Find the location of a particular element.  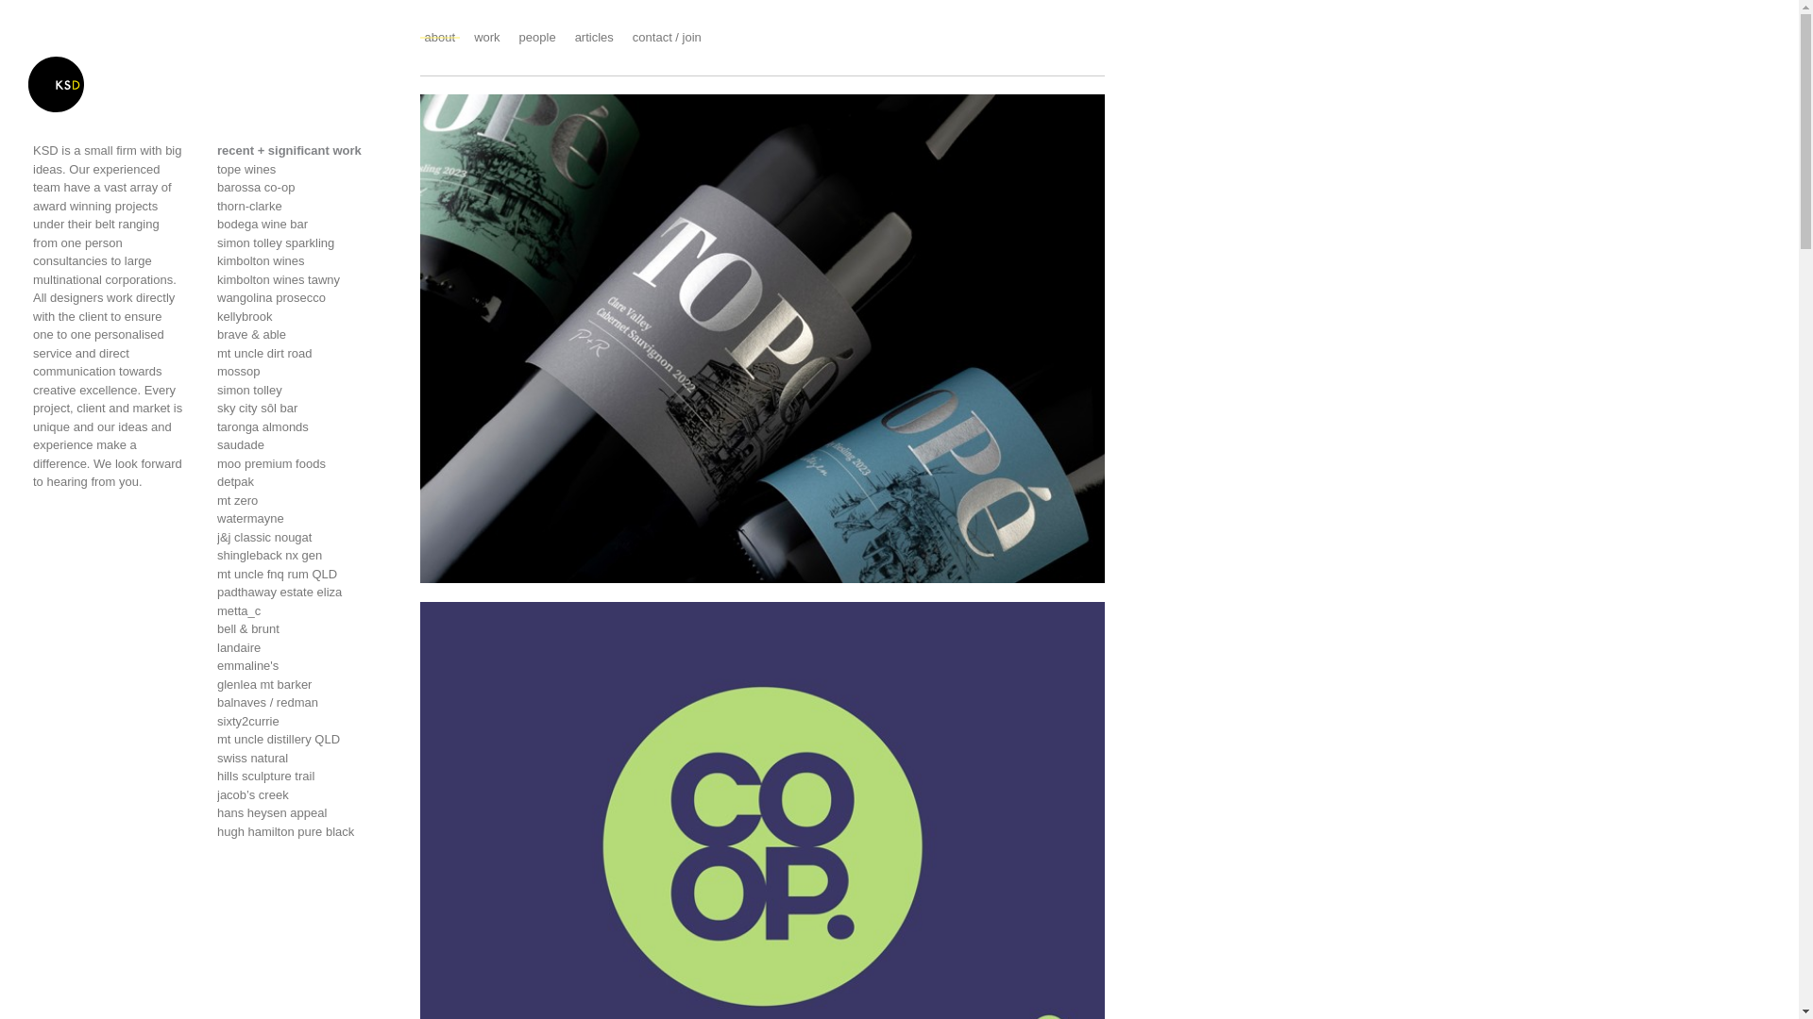

'landaire' is located at coordinates (302, 646).